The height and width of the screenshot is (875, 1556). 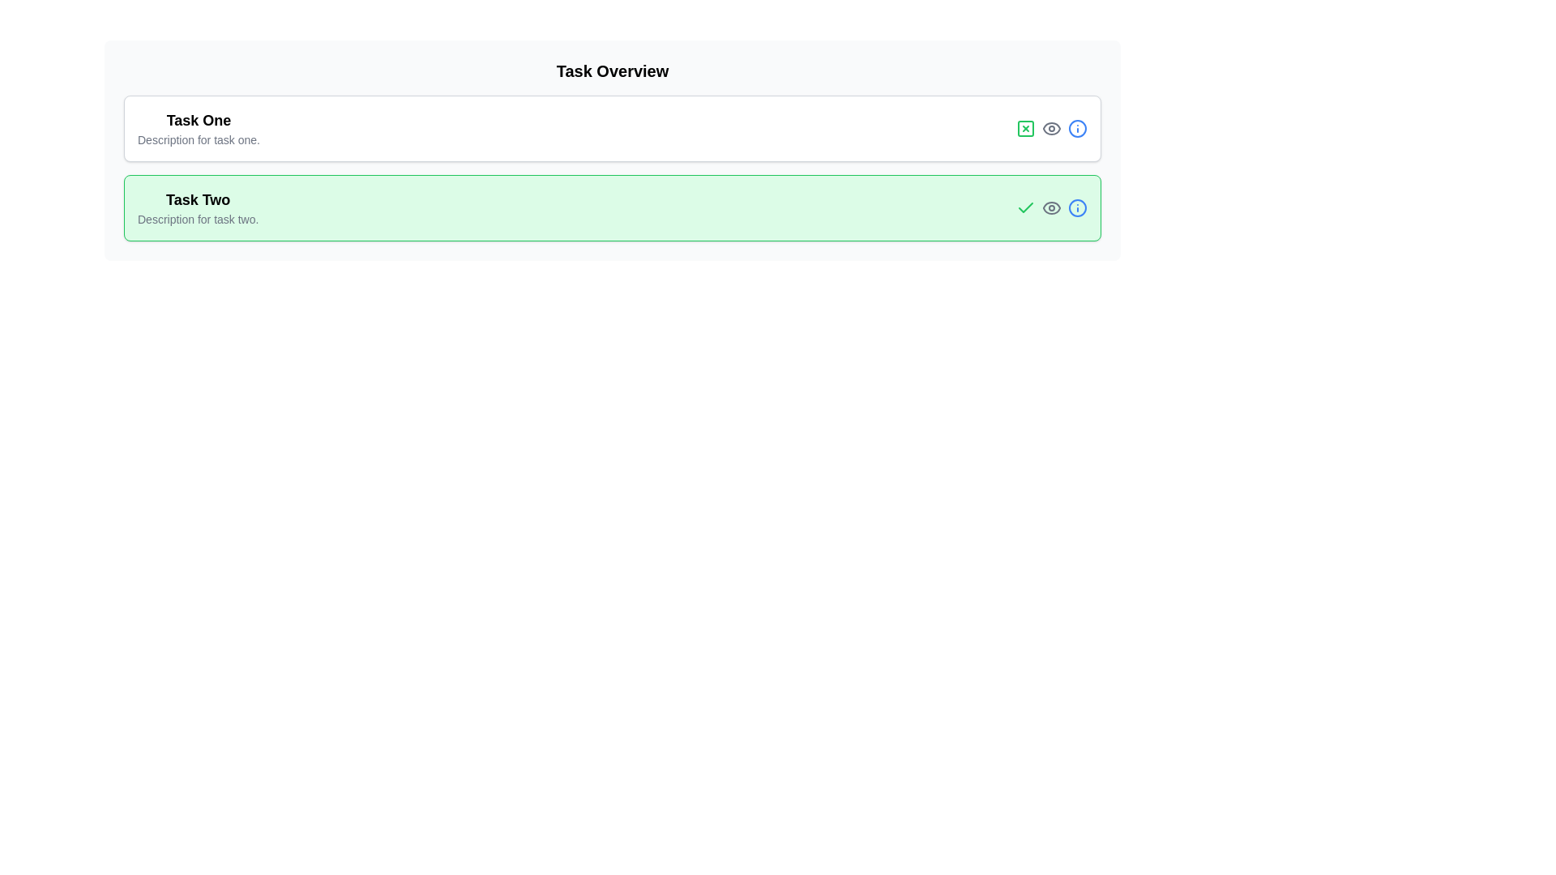 What do you see at coordinates (1025, 207) in the screenshot?
I see `the completion state icon (SVG) located at the leftmost position in the second task row` at bounding box center [1025, 207].